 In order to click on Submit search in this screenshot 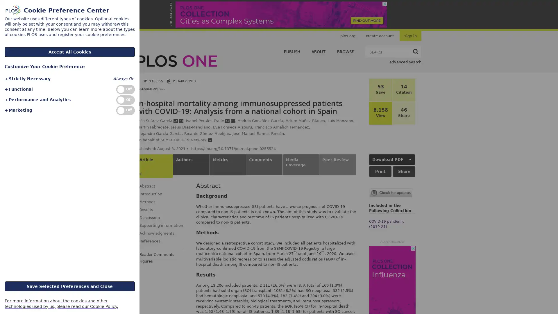, I will do `click(415, 51)`.